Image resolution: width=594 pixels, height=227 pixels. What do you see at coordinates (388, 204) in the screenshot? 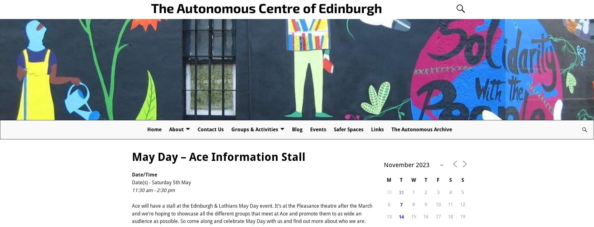
I see `'6'` at bounding box center [388, 204].